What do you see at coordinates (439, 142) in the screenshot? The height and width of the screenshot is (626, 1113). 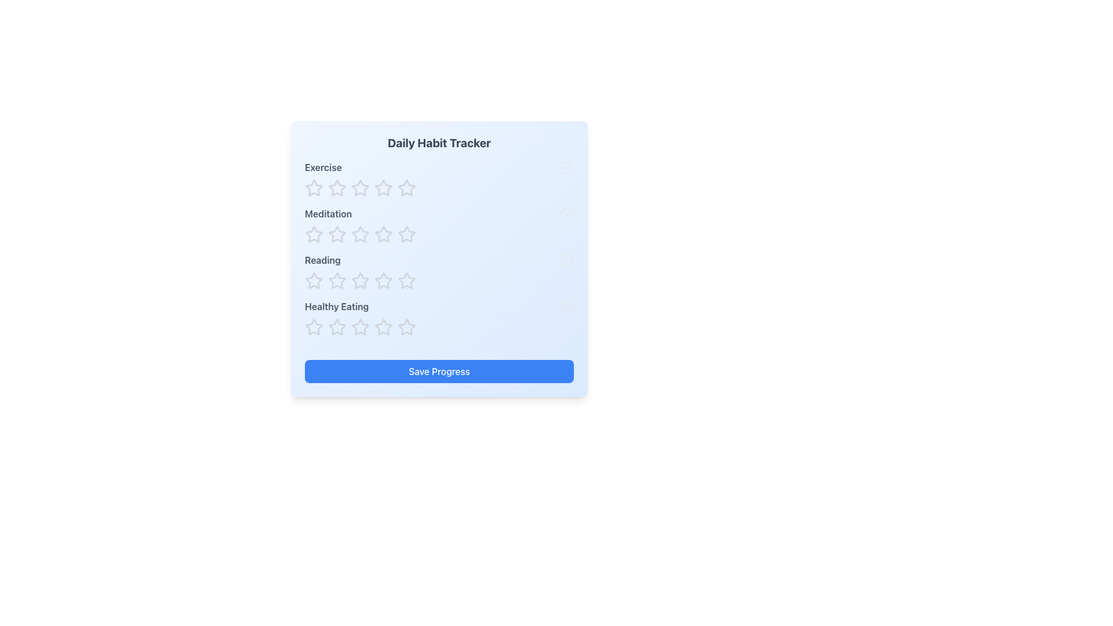 I see `the bold, centered heading 'Daily Habit Tracker' displayed in dark gray, which is located at the top section of the habit tracking card interface` at bounding box center [439, 142].